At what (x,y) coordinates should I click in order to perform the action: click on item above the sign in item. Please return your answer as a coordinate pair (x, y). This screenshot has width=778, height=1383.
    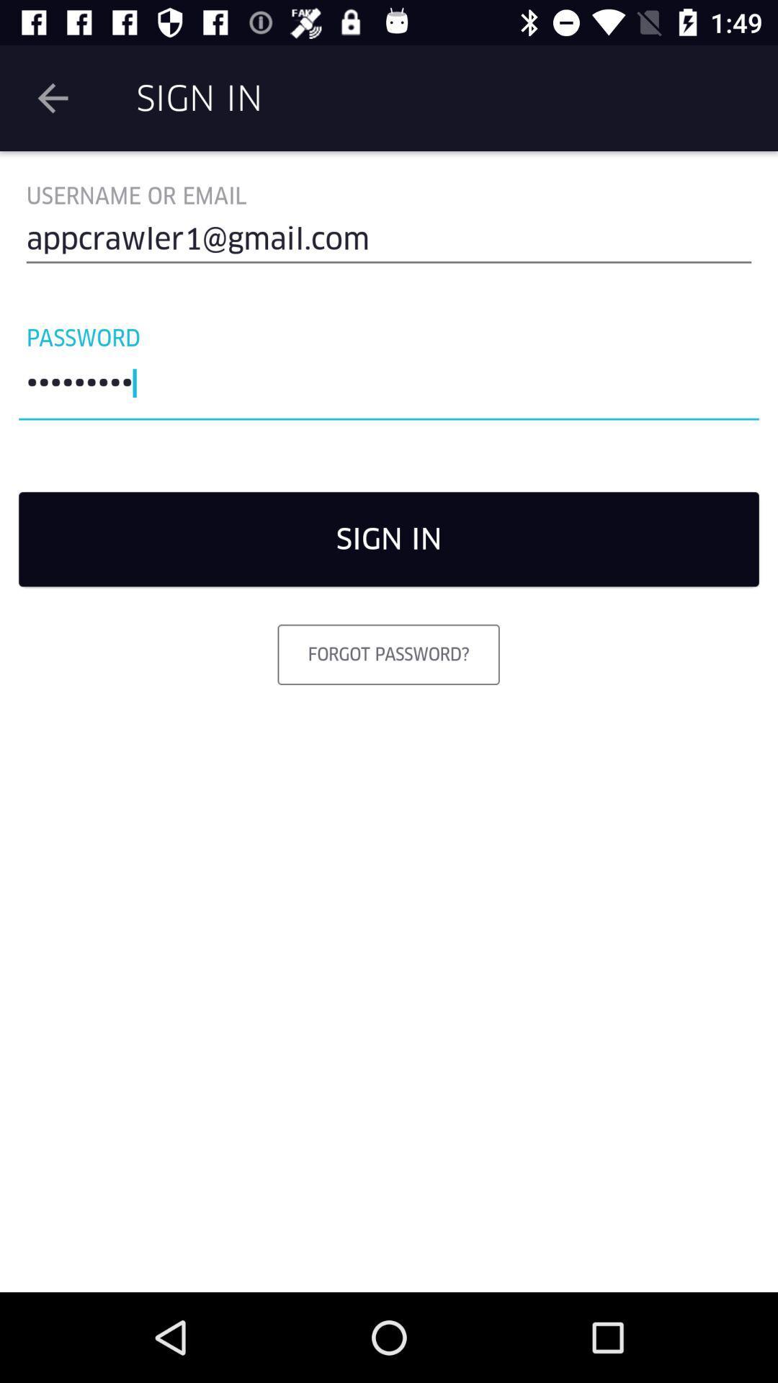
    Looking at the image, I should click on (389, 387).